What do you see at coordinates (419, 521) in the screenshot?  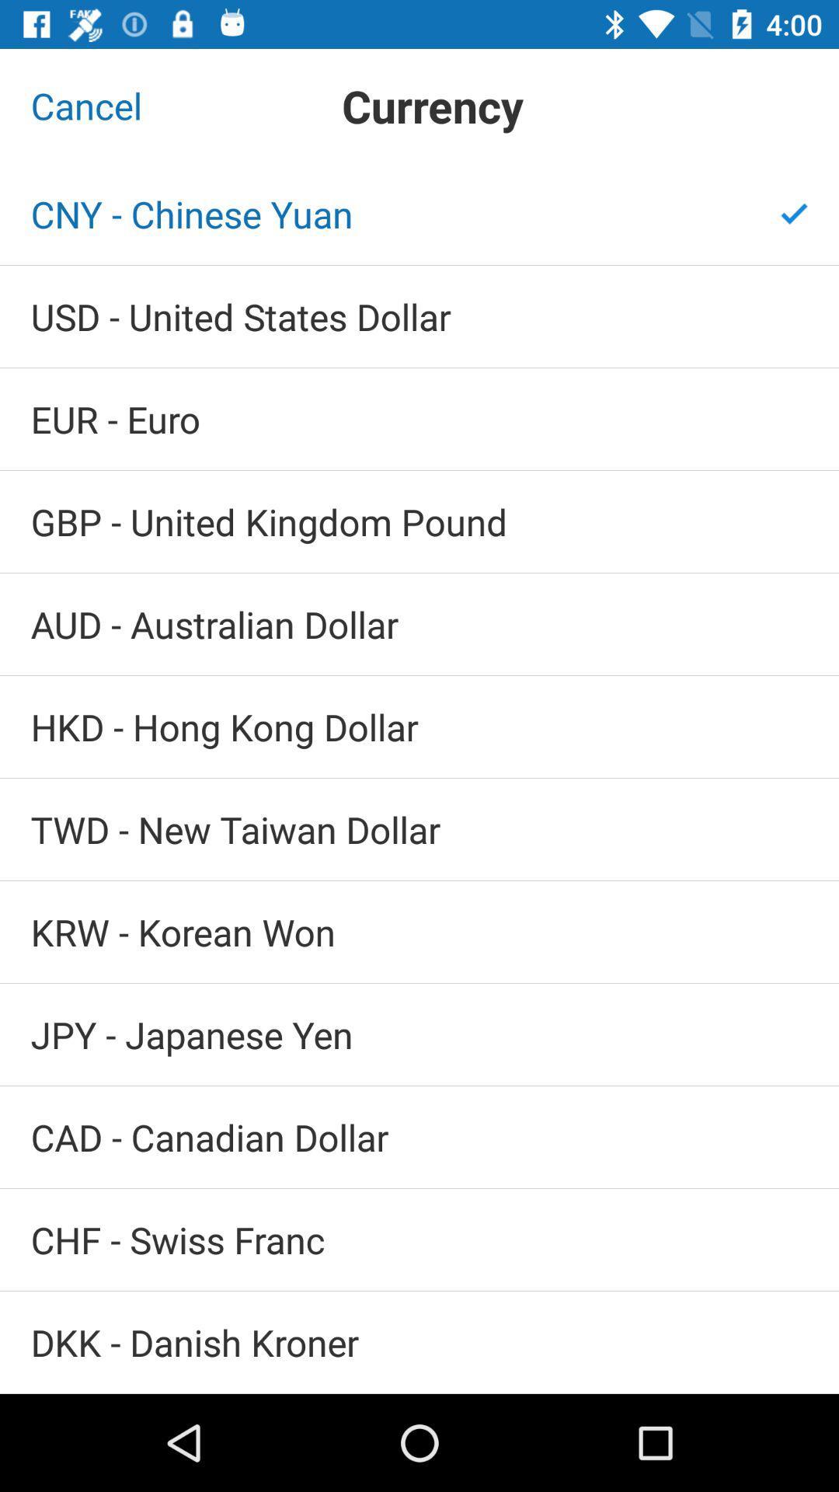 I see `gbp united kingdom icon` at bounding box center [419, 521].